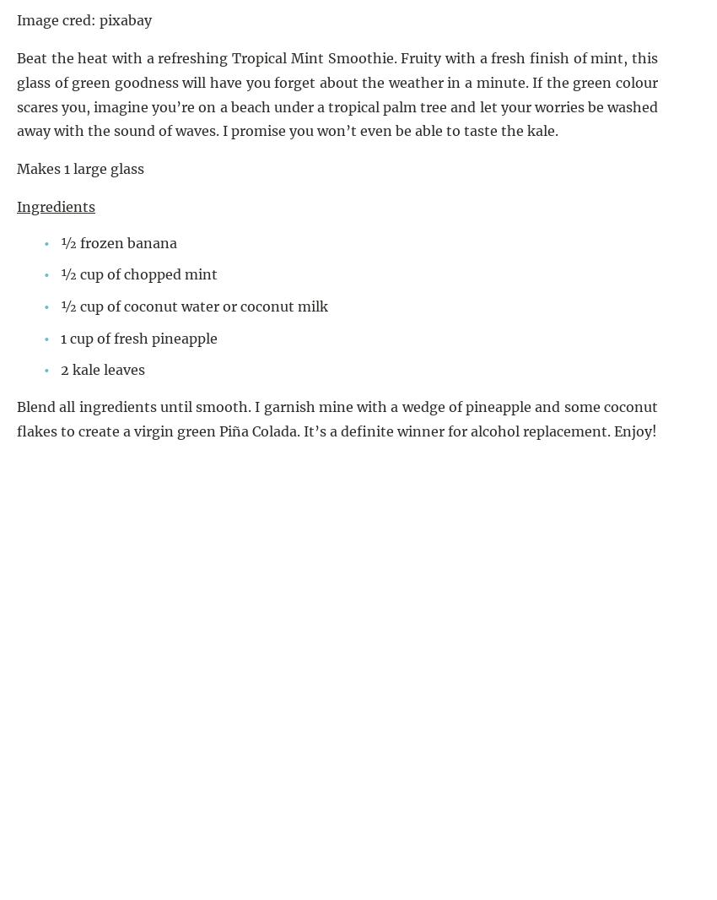  I want to click on '1 cup of fresh pineapple', so click(138, 337).